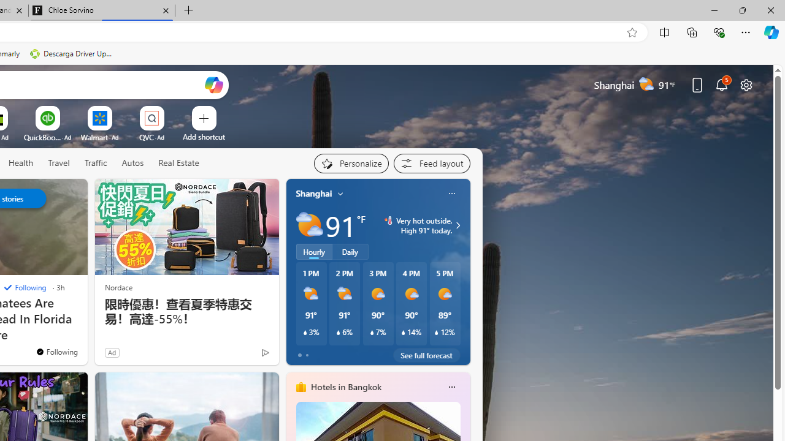 The image size is (785, 441). What do you see at coordinates (309, 225) in the screenshot?
I see `'Partly sunny'` at bounding box center [309, 225].